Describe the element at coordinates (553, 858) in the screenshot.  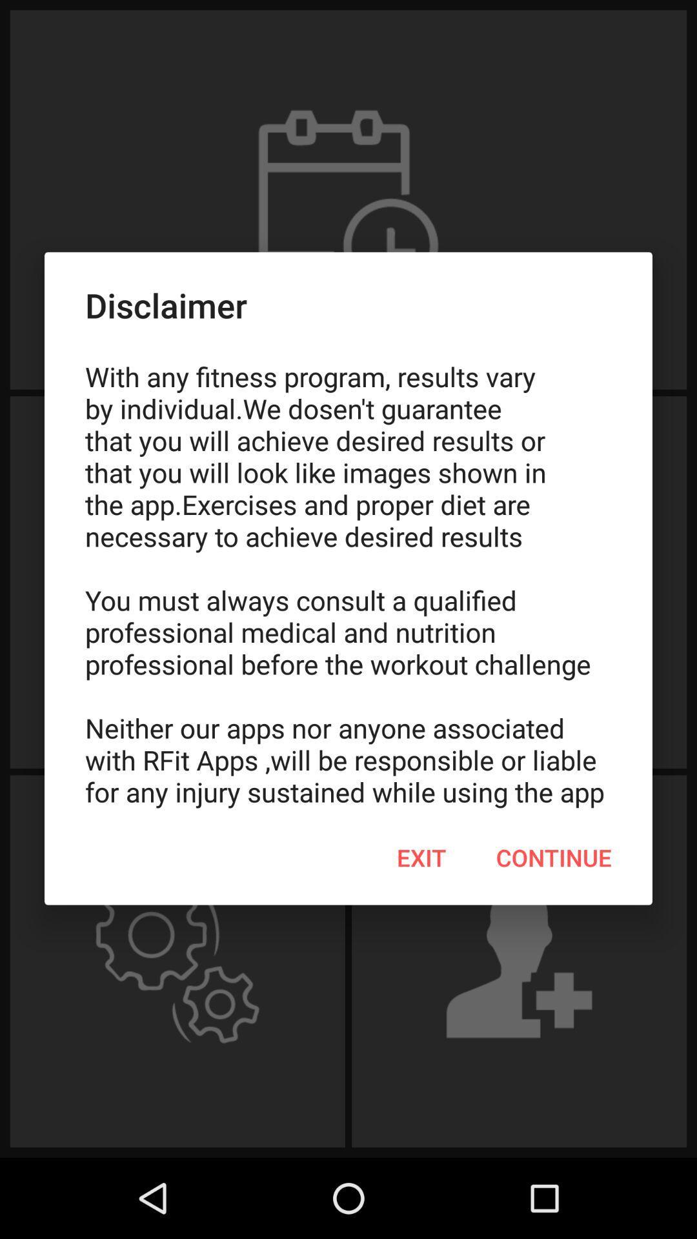
I see `item below with any fitness item` at that location.